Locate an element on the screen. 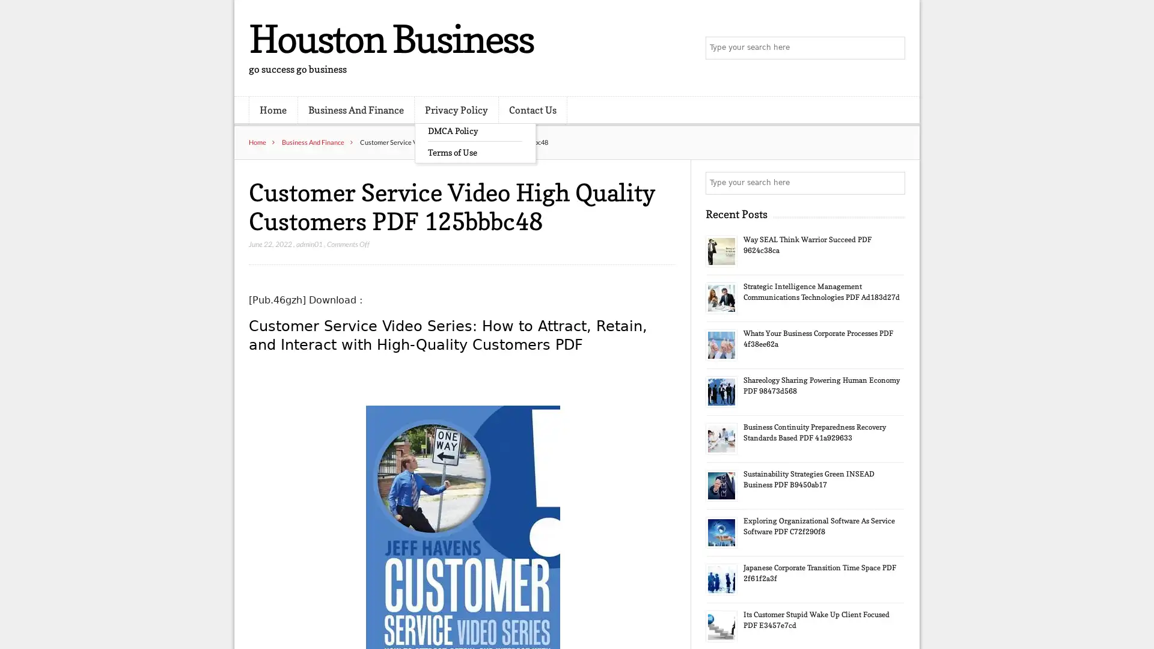 The width and height of the screenshot is (1154, 649). Search is located at coordinates (893, 183).